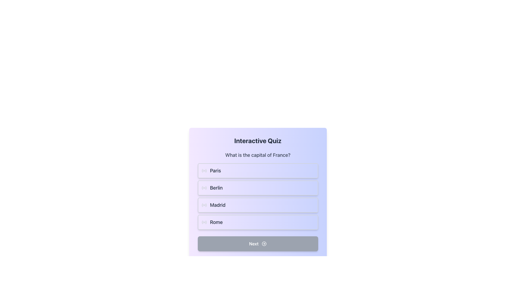 The height and width of the screenshot is (290, 516). Describe the element at coordinates (257, 244) in the screenshot. I see `the 'Next' button, which is a rectangular indigo button with rounded corners and the text 'Next' in white, to observe its hover effects` at that location.